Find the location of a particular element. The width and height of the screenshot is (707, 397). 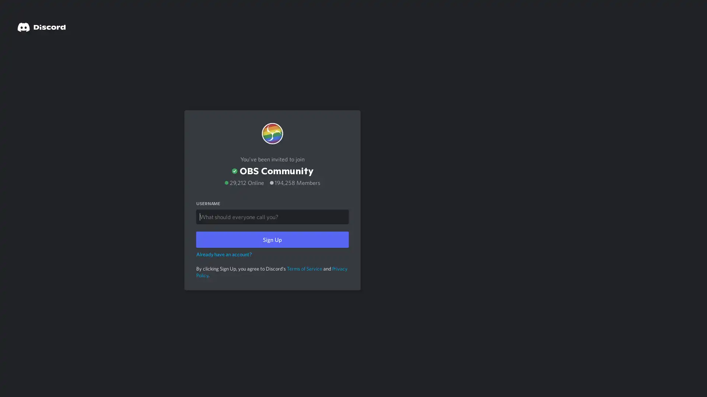

Already have an account? is located at coordinates (224, 252).